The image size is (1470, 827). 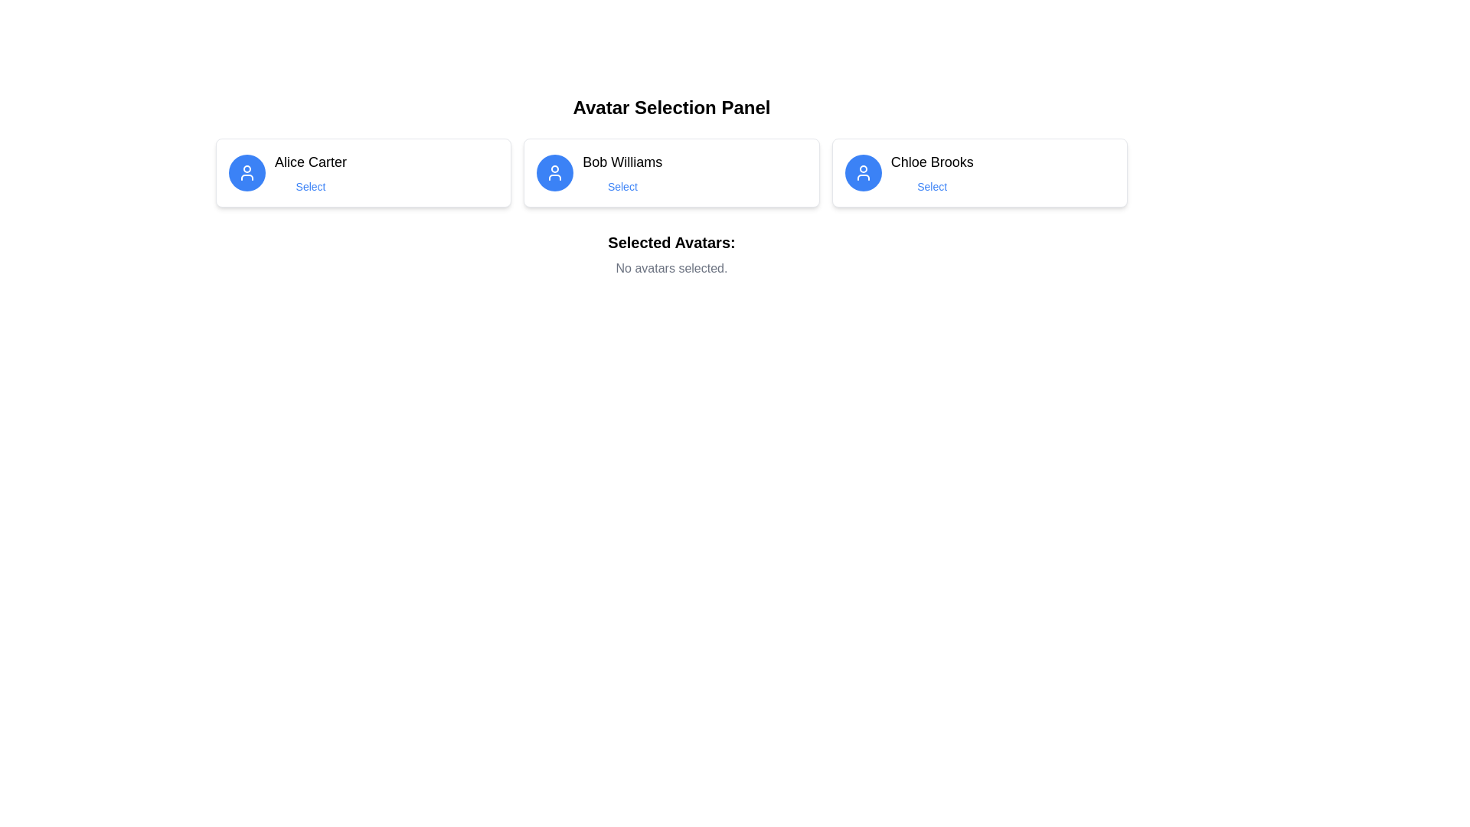 What do you see at coordinates (622, 162) in the screenshot?
I see `text content of the label displaying the name 'Bob Williams' located in the center panel above the blue 'Select' button` at bounding box center [622, 162].